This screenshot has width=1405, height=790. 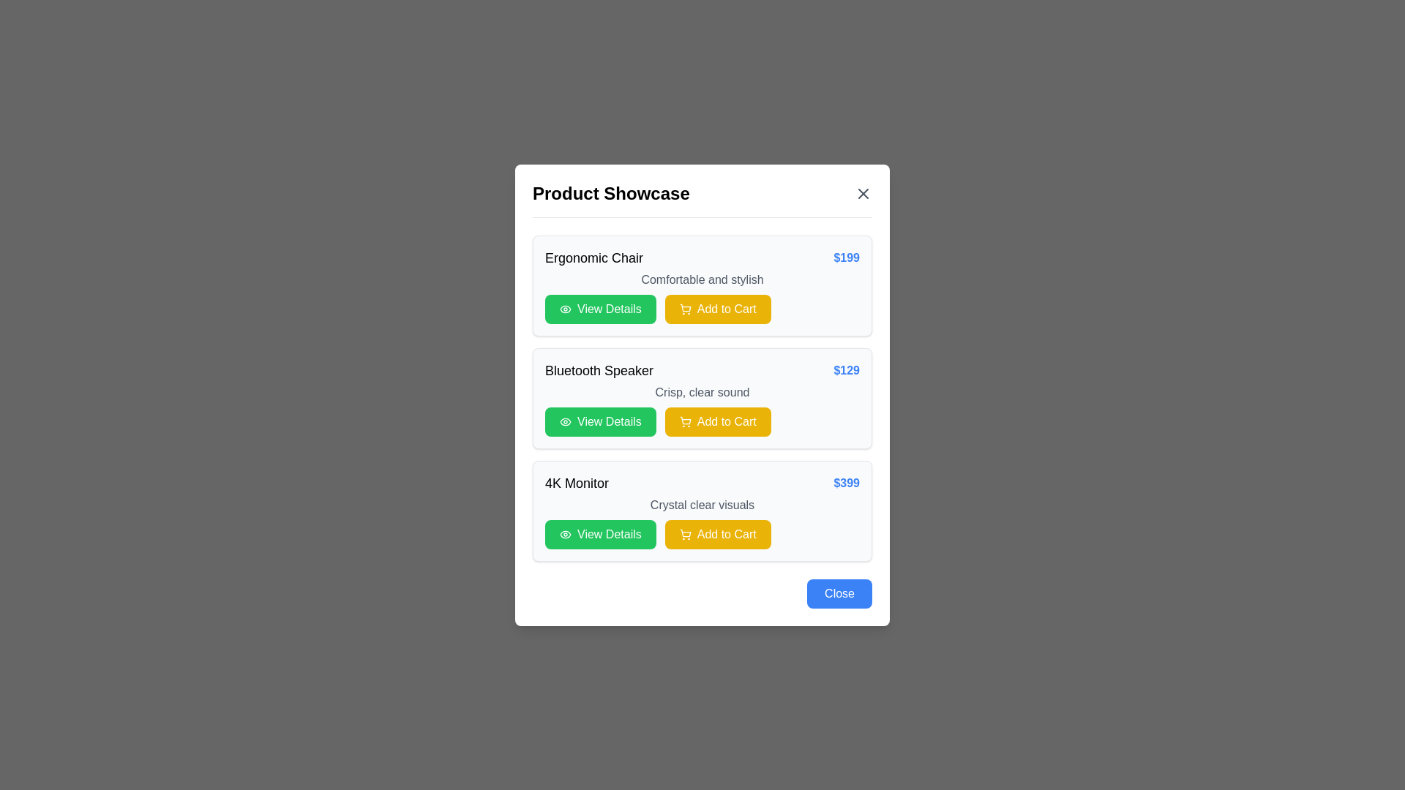 I want to click on the 'Add to Cart' button located in the Action Buttons Group of the third product card for the '4K Monitor', so click(x=702, y=533).